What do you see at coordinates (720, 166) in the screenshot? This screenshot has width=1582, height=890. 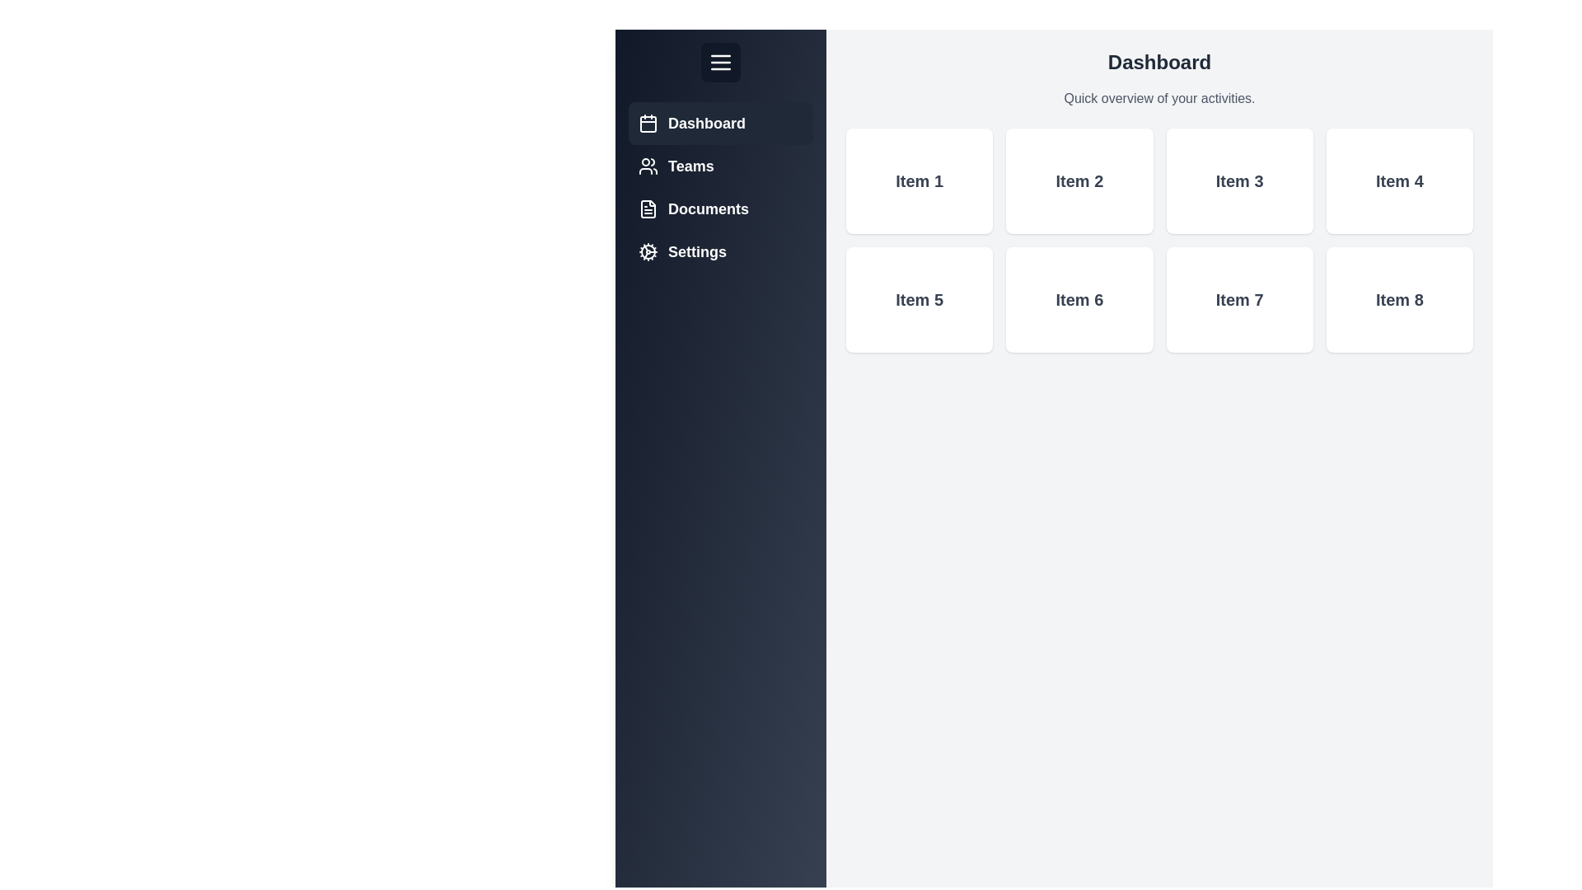 I see `the menu item Teams to reveal its additional information or effects` at bounding box center [720, 166].